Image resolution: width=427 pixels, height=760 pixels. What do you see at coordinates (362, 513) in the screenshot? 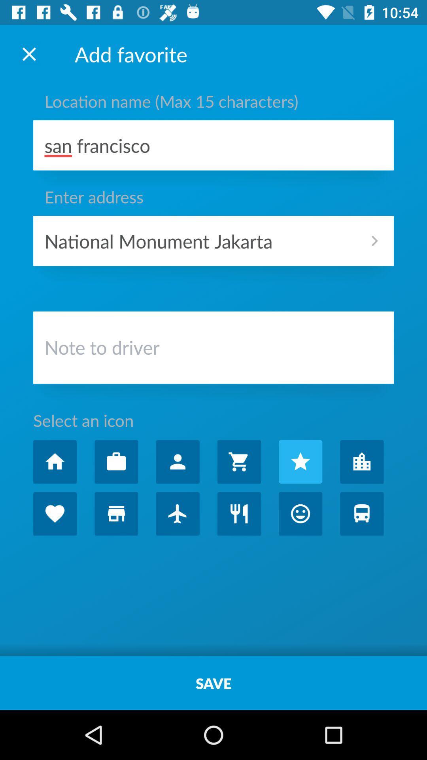
I see `driving directions` at bounding box center [362, 513].